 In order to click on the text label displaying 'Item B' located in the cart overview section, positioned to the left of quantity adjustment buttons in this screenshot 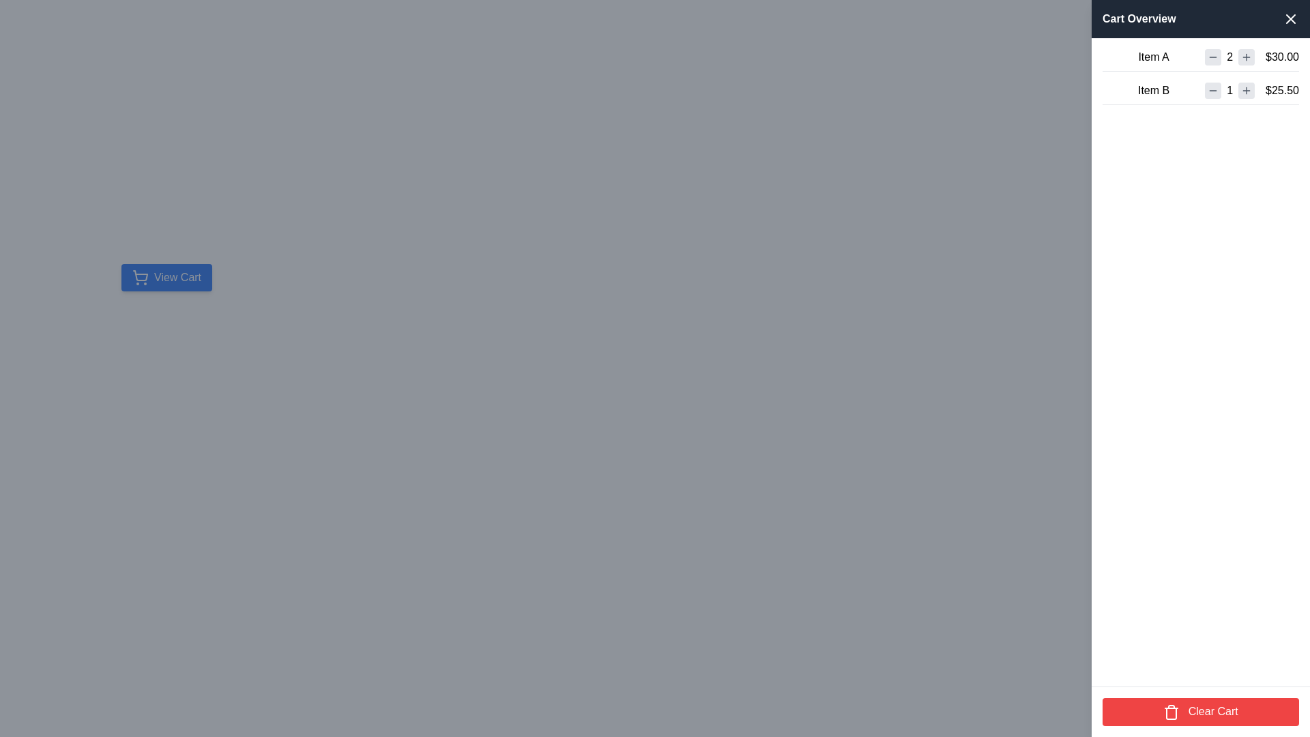, I will do `click(1153, 90)`.